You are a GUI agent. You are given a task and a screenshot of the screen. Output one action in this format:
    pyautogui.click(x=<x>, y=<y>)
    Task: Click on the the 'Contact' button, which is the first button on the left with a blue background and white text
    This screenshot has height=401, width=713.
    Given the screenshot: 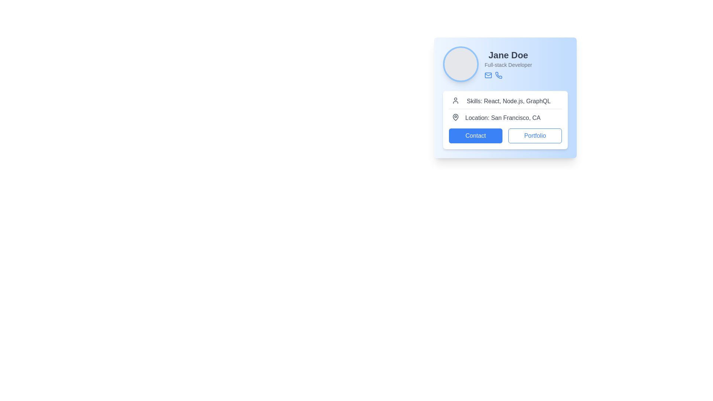 What is the action you would take?
    pyautogui.click(x=476, y=136)
    